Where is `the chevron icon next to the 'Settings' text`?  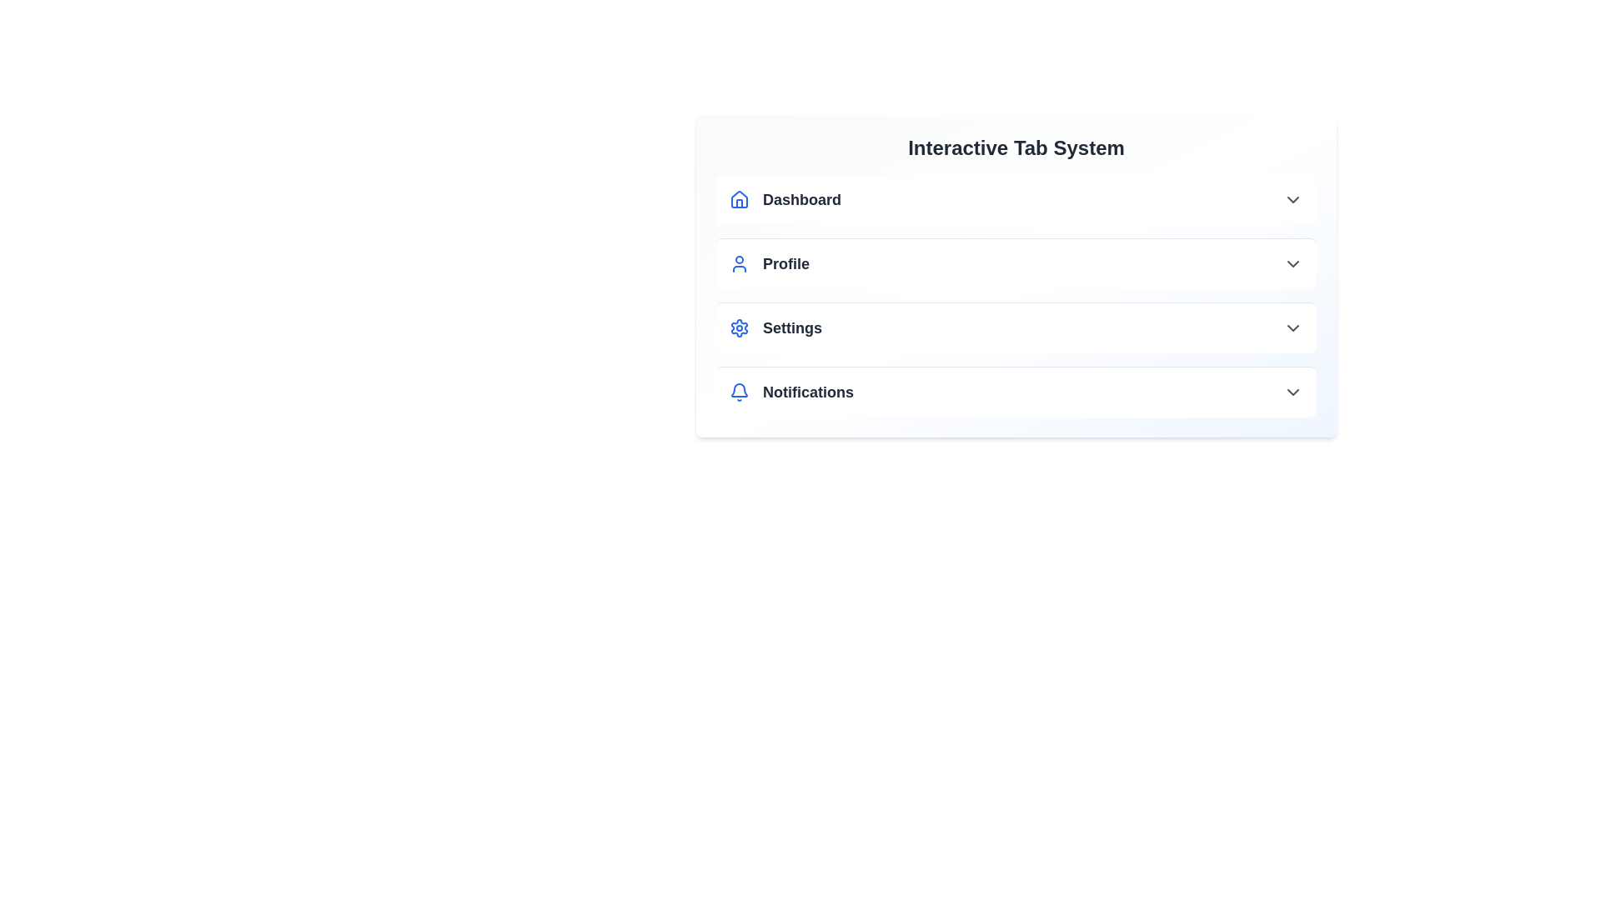
the chevron icon next to the 'Settings' text is located at coordinates (1292, 327).